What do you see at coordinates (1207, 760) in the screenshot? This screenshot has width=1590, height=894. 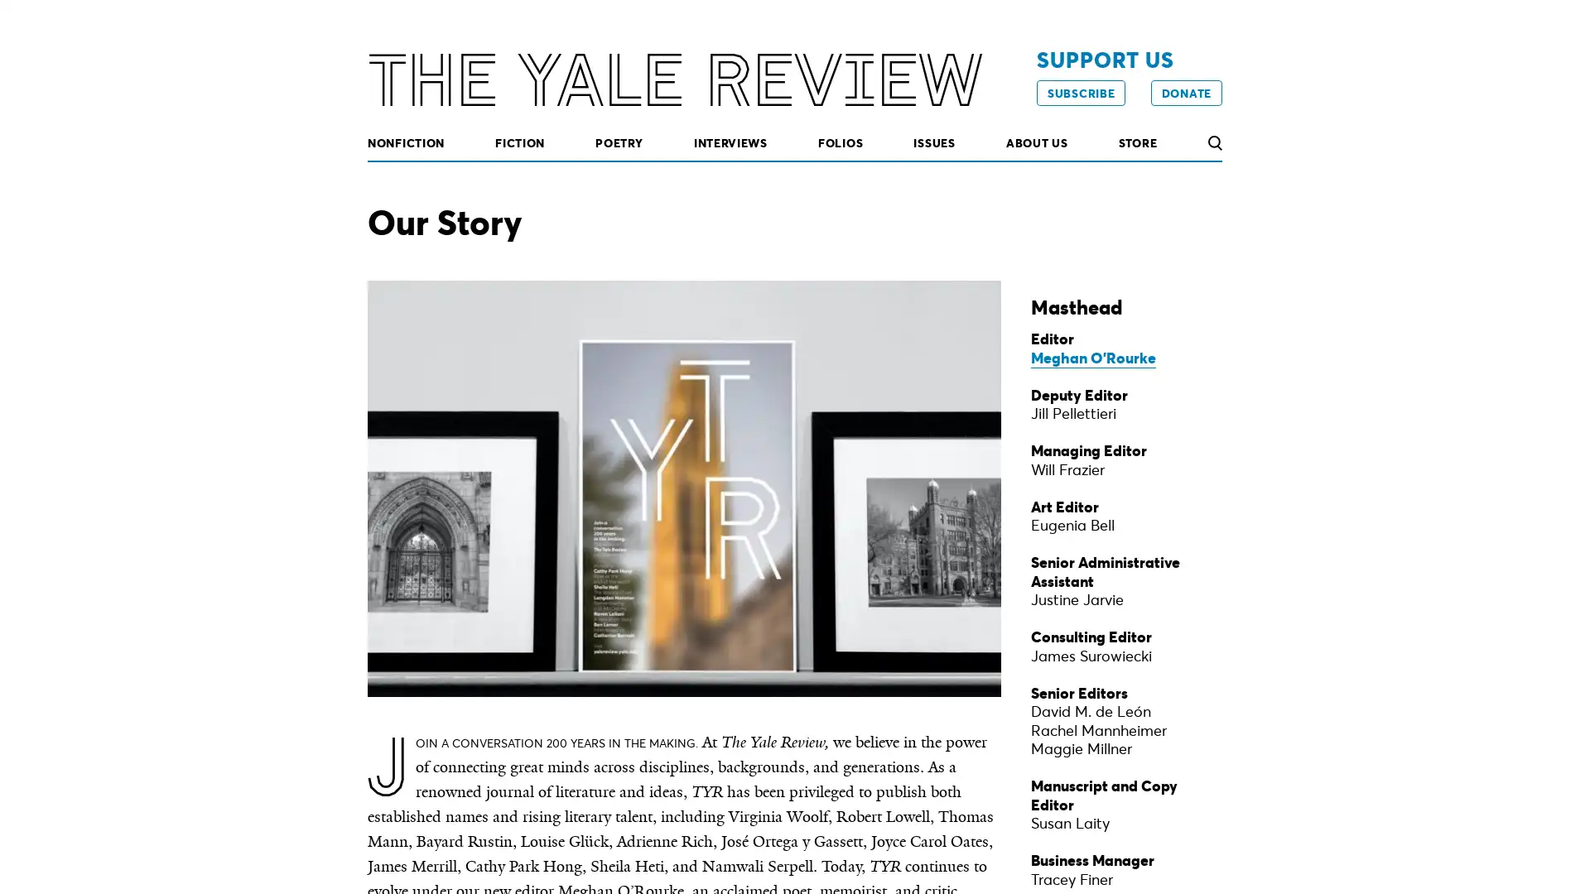 I see `close` at bounding box center [1207, 760].